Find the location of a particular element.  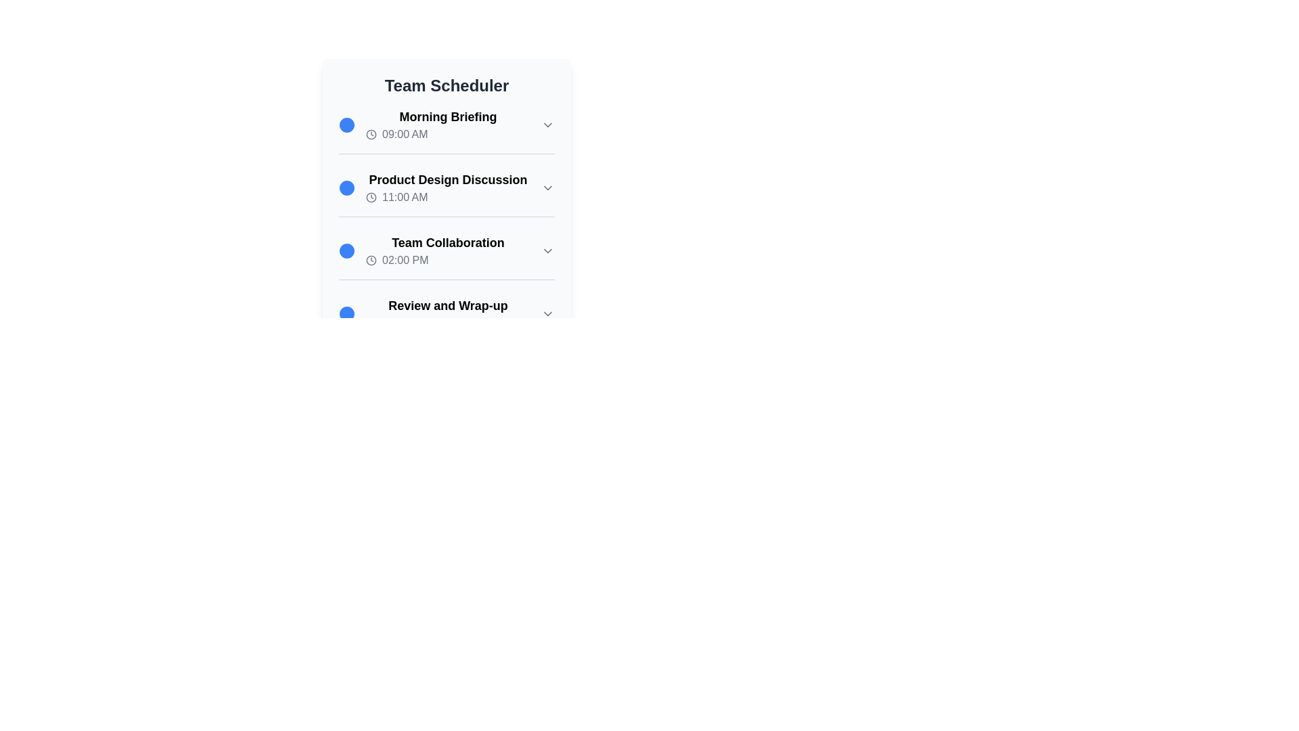

the Information-display panel that displays details about the 'Product Design Discussion' event scheduled at 11:00 AM, located between 'Morning Briefing' and 'Team Collaboration' is located at coordinates (447, 208).